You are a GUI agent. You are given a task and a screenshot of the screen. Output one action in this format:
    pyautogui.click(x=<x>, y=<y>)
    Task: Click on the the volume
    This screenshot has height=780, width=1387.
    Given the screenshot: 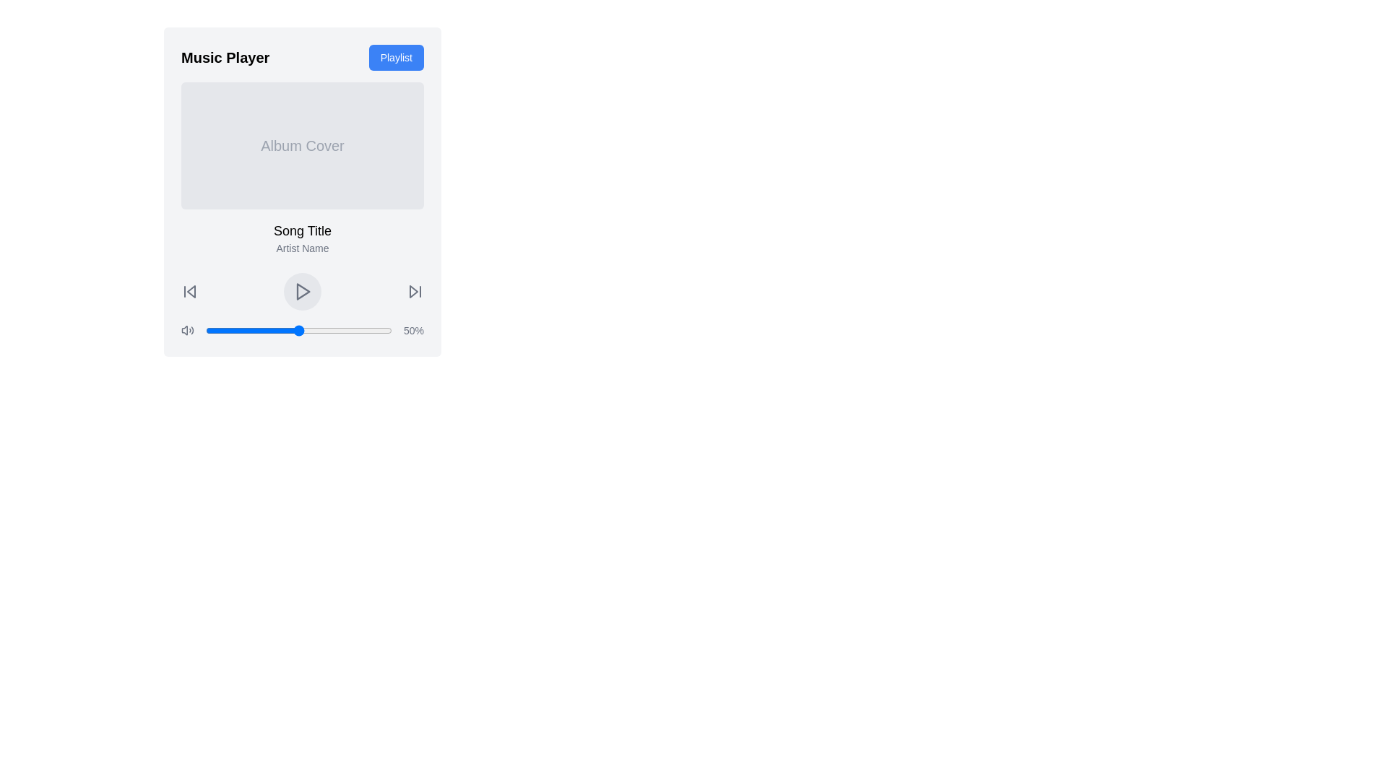 What is the action you would take?
    pyautogui.click(x=389, y=331)
    